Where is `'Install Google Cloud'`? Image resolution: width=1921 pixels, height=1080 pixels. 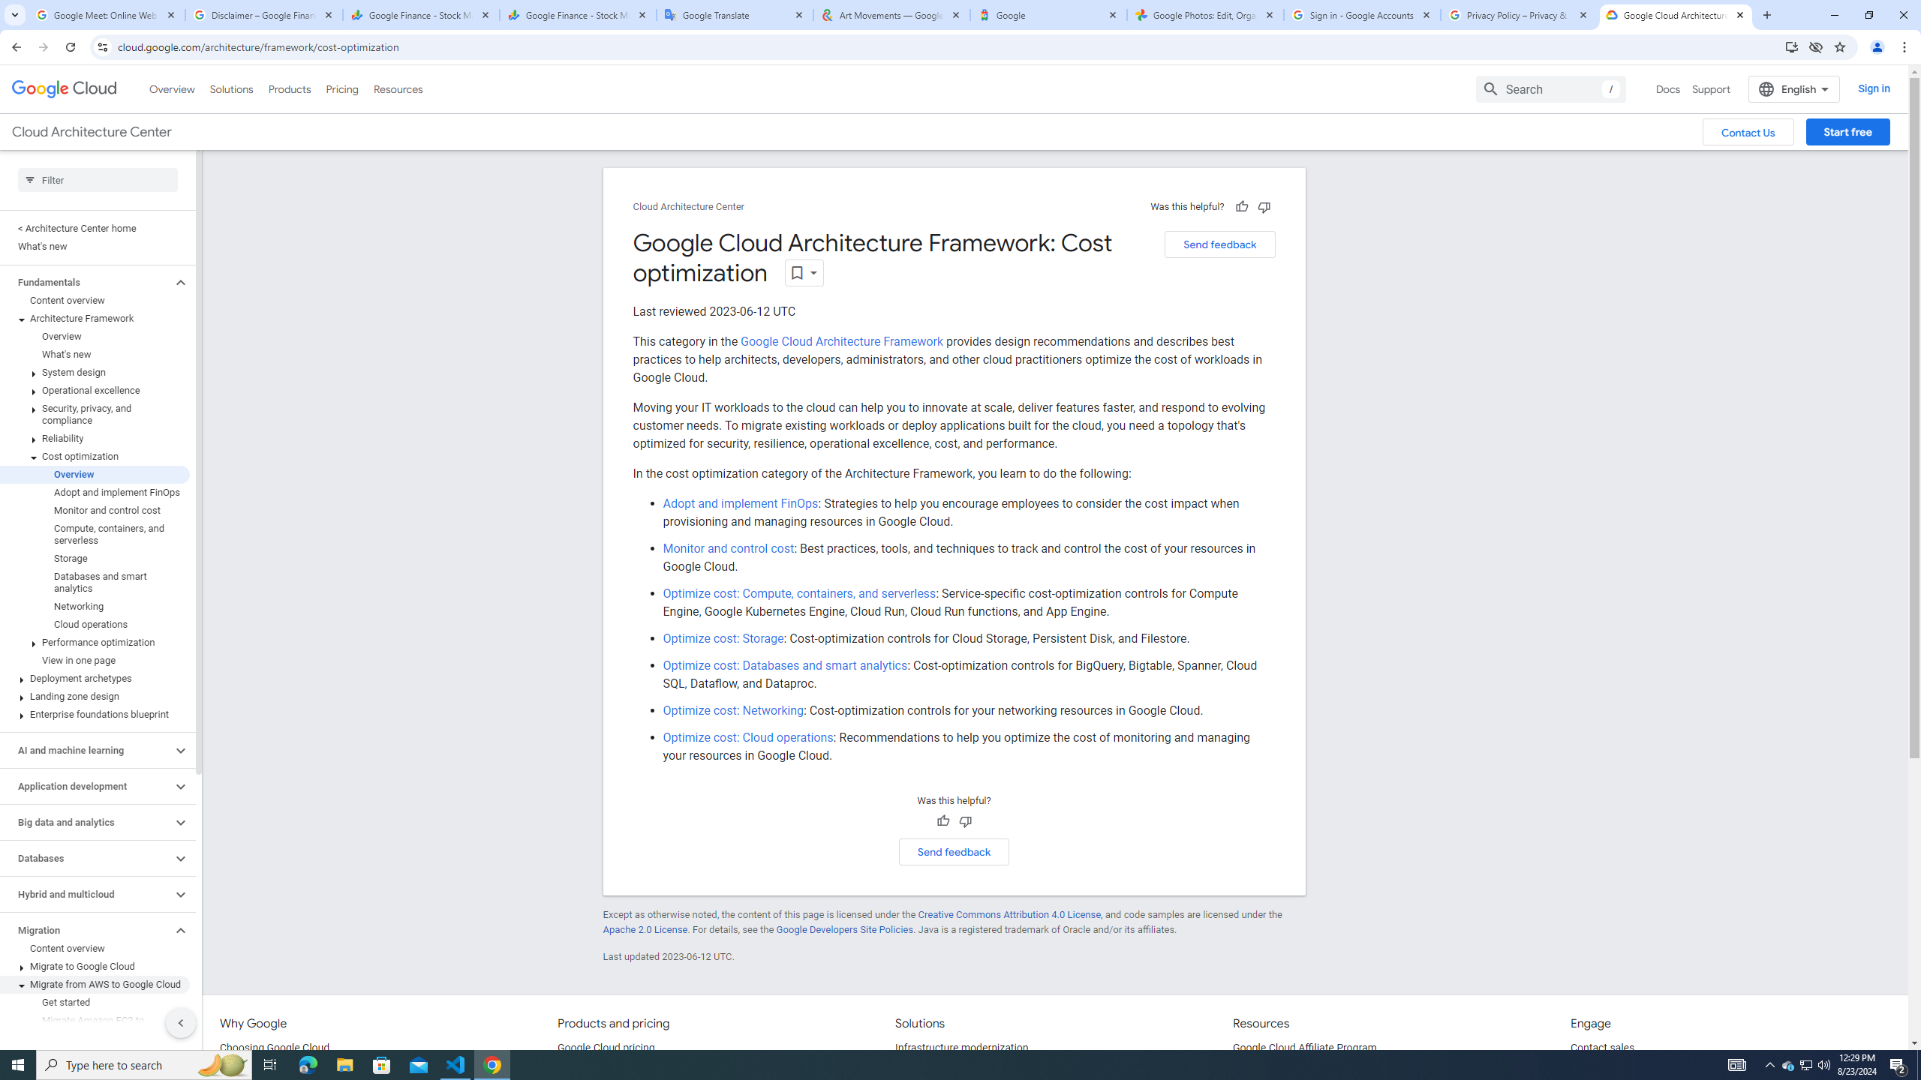 'Install Google Cloud' is located at coordinates (1792, 46).